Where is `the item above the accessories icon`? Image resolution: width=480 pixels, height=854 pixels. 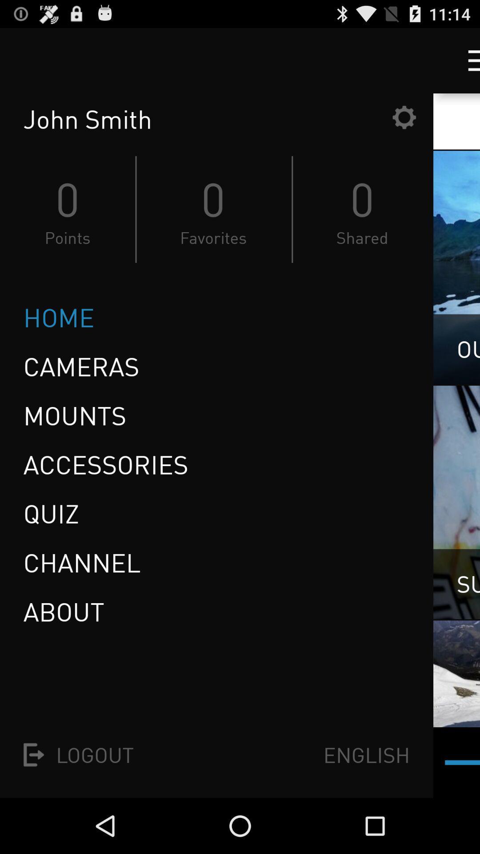 the item above the accessories icon is located at coordinates (74, 415).